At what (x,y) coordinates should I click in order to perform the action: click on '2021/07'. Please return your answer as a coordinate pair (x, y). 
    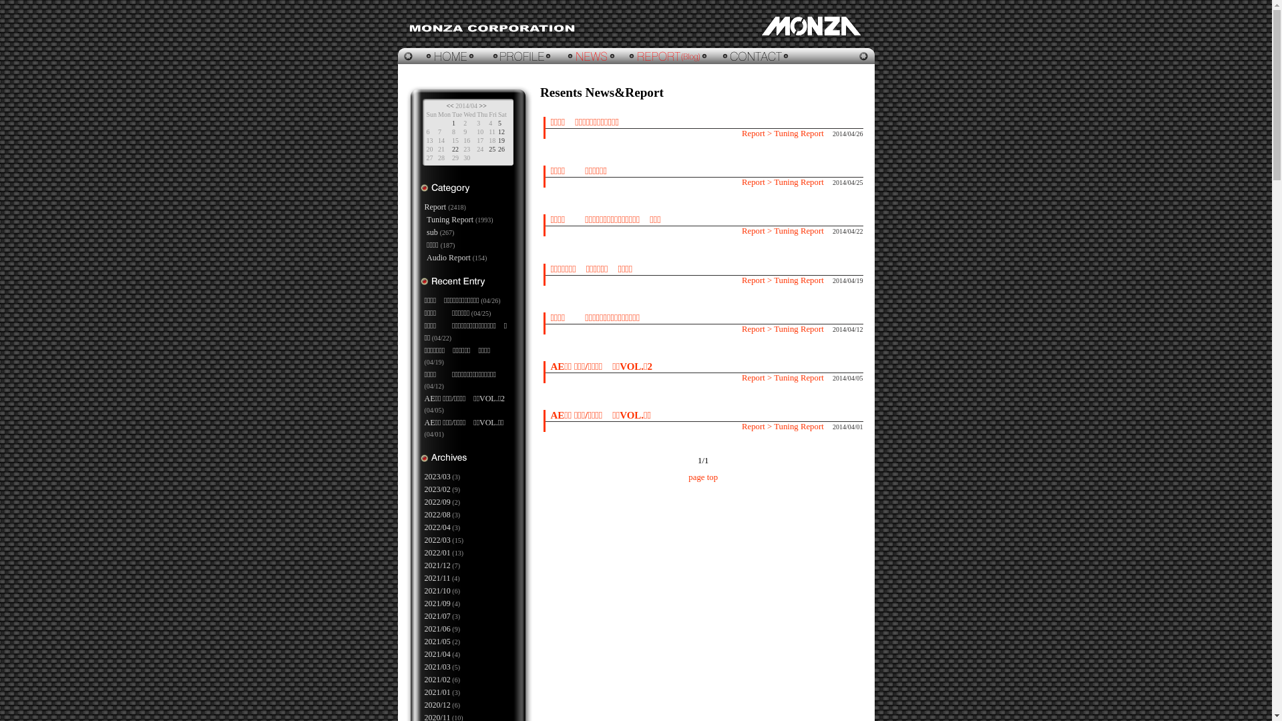
    Looking at the image, I should click on (437, 616).